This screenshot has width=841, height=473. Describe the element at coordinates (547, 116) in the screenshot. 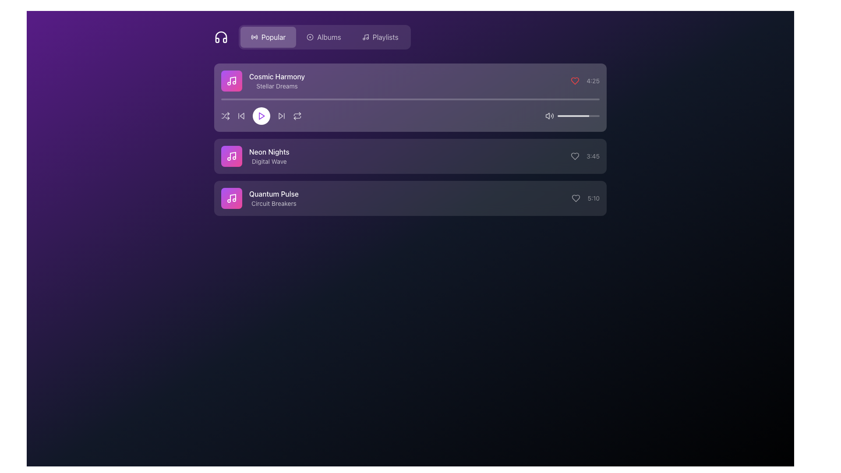

I see `the mute status icon located within the volume control section` at that location.